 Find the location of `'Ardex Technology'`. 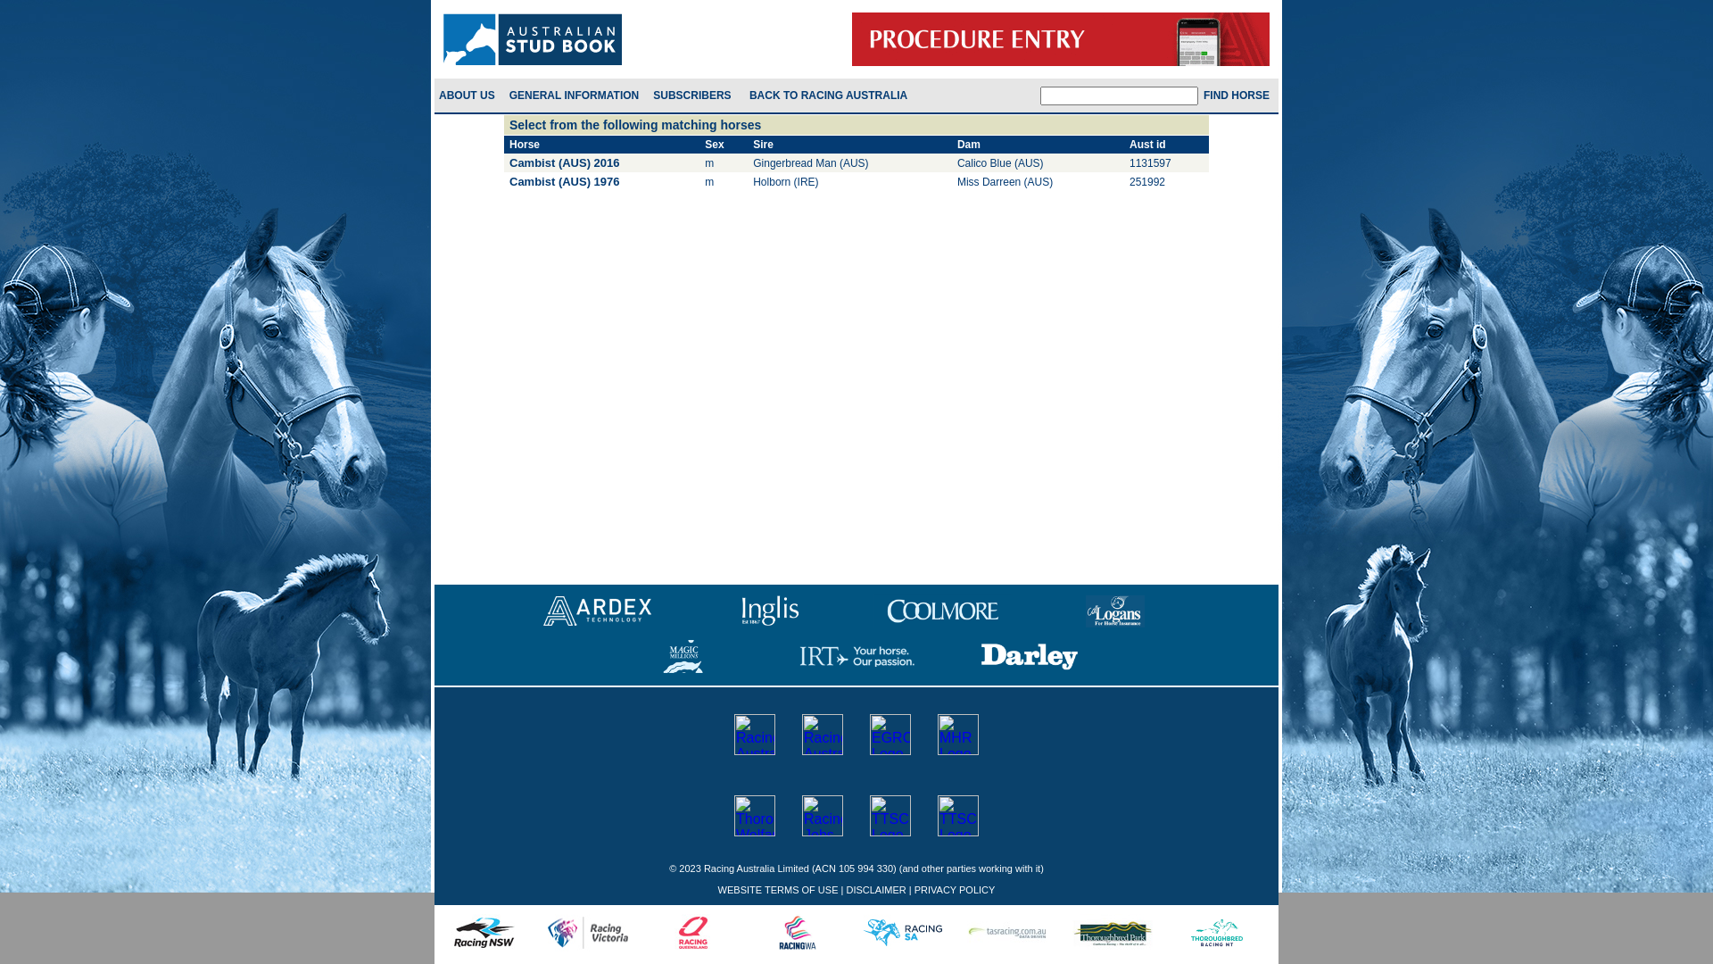

'Ardex Technology' is located at coordinates (597, 609).